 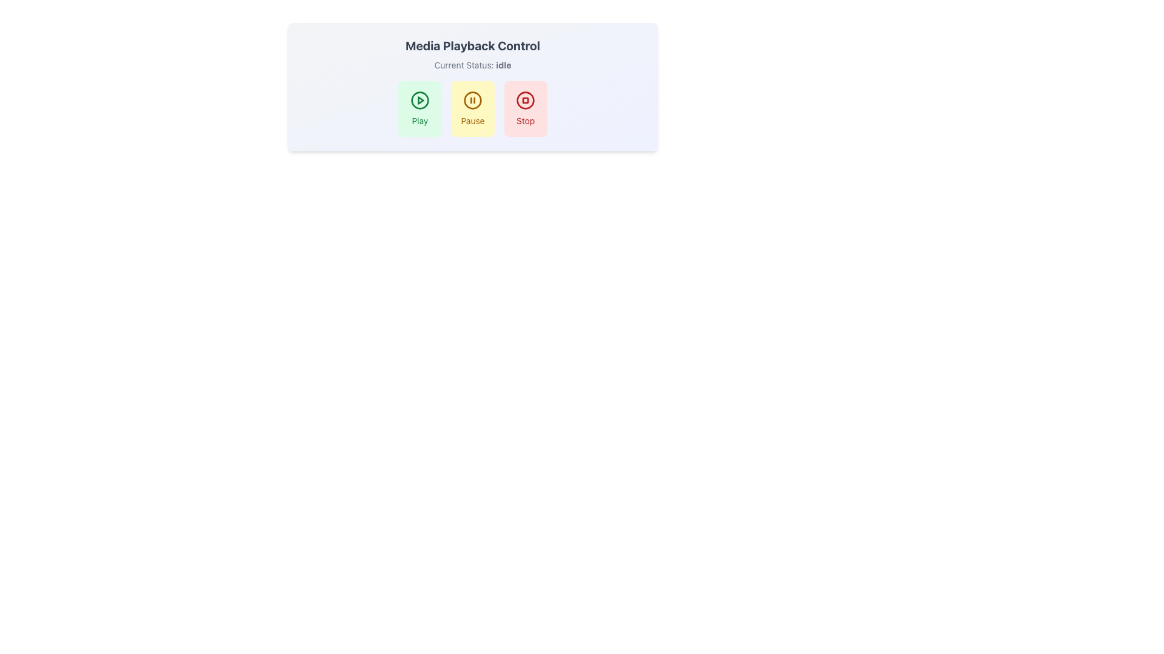 I want to click on the 'Play' icon, which is represented by a triangle within a circular border, to indicate the functionality for starting media playback, so click(x=421, y=99).